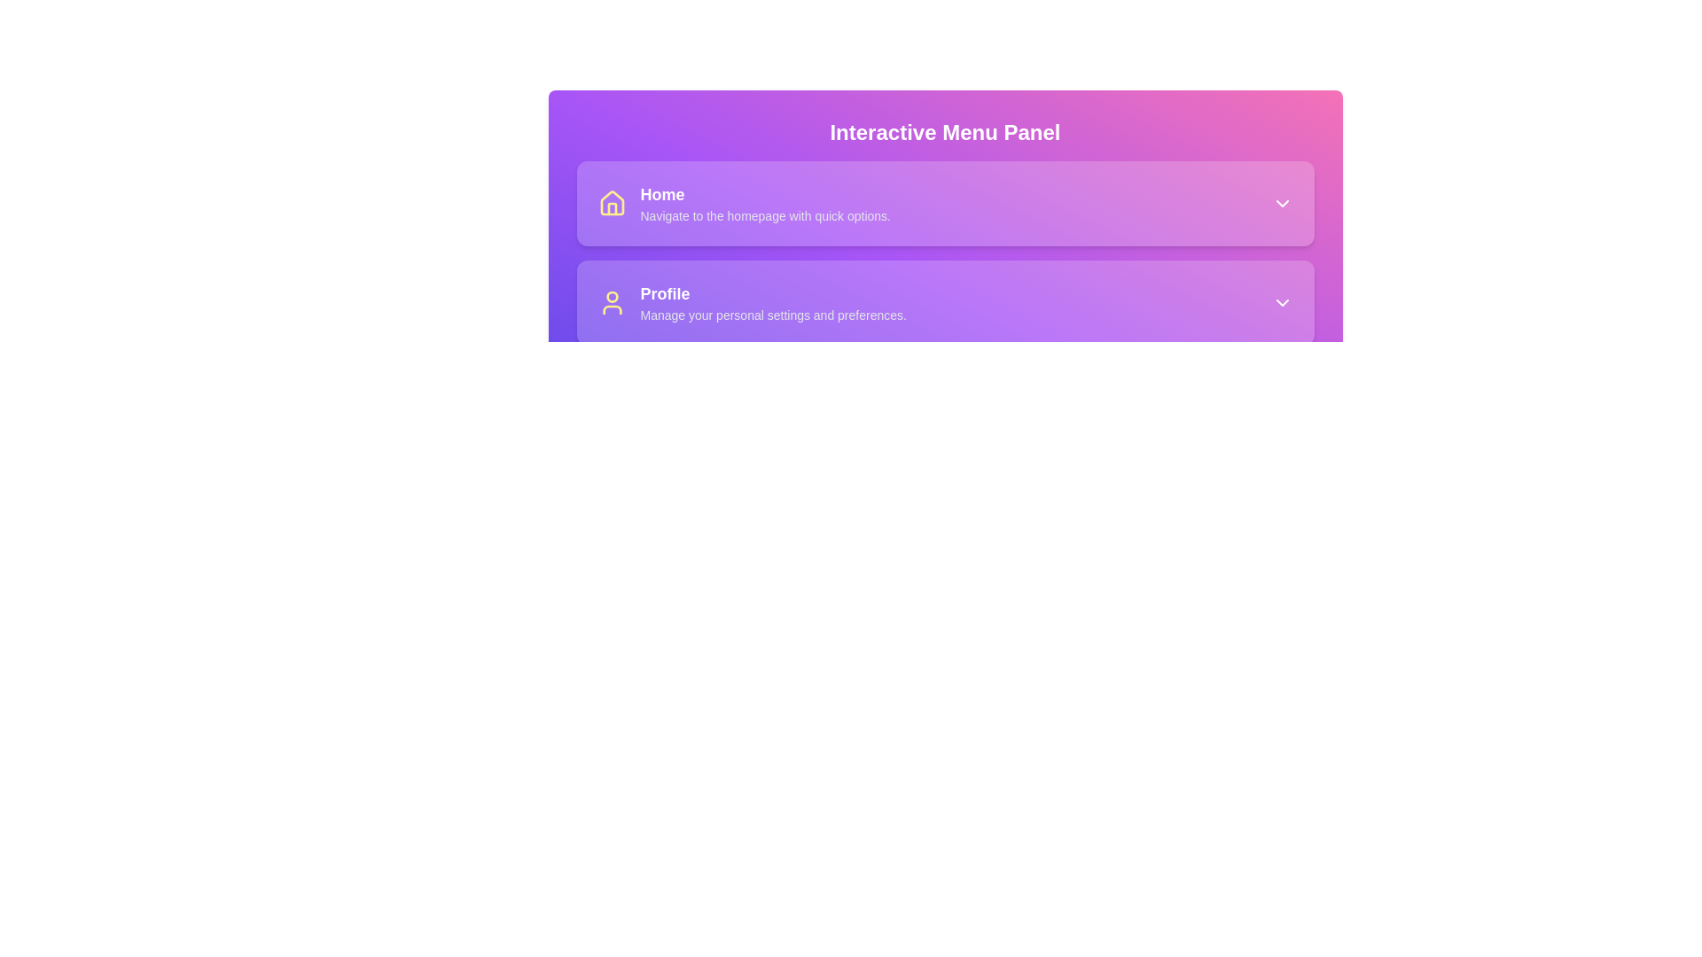 The image size is (1702, 957). I want to click on the graphical home icon component located in the top-left corner of the menu panel, so click(612, 207).